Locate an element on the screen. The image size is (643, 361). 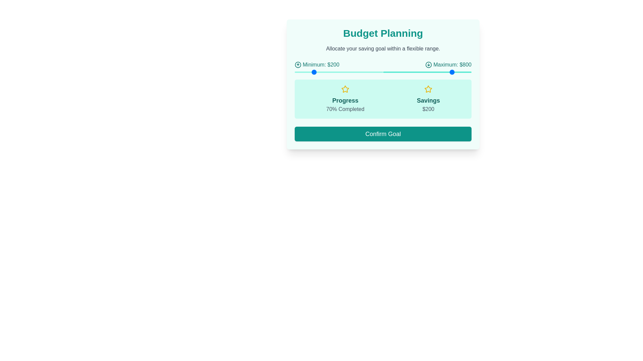
the slider value is located at coordinates (338, 72).